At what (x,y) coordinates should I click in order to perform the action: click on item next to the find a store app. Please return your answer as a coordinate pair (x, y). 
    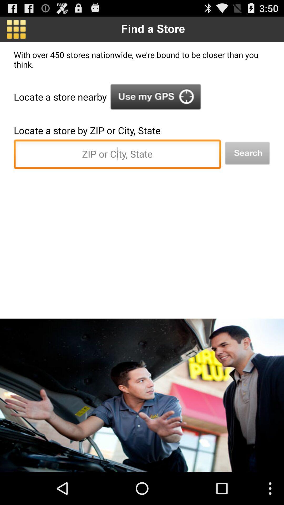
    Looking at the image, I should click on (16, 29).